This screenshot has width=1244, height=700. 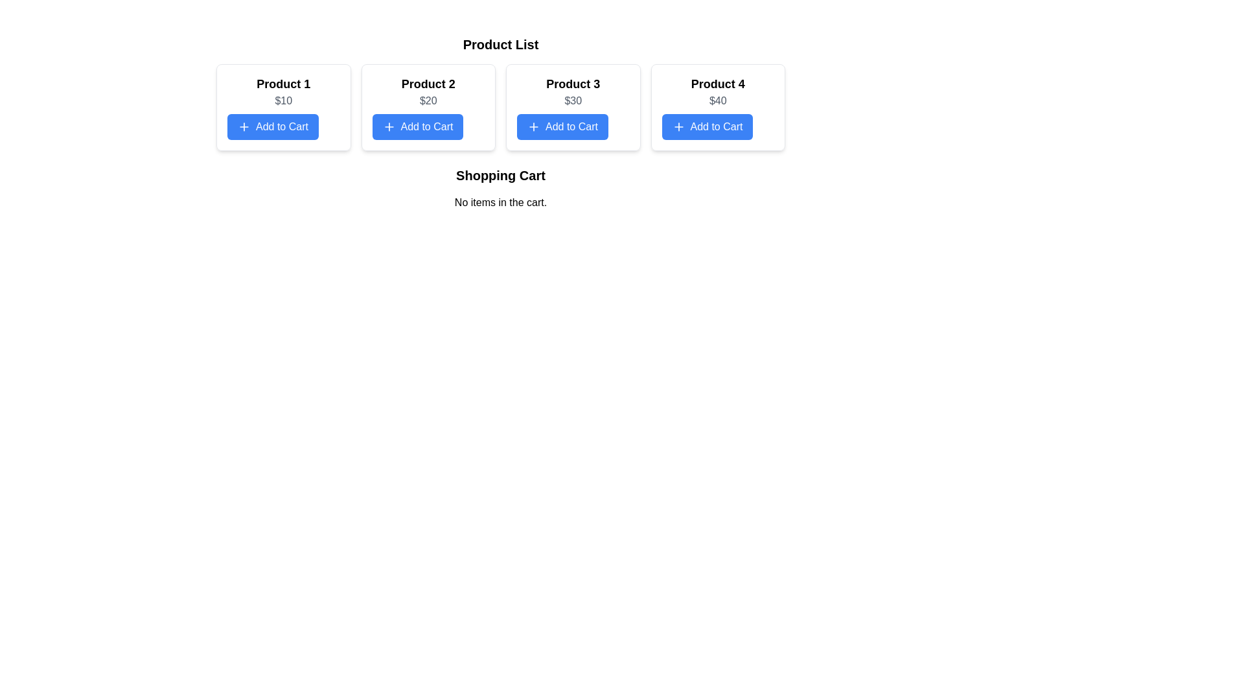 What do you see at coordinates (678, 127) in the screenshot?
I see `the plus sign icon within the 'Add to Cart' button for 'Product 4', which is positioned at the left edge of the button` at bounding box center [678, 127].